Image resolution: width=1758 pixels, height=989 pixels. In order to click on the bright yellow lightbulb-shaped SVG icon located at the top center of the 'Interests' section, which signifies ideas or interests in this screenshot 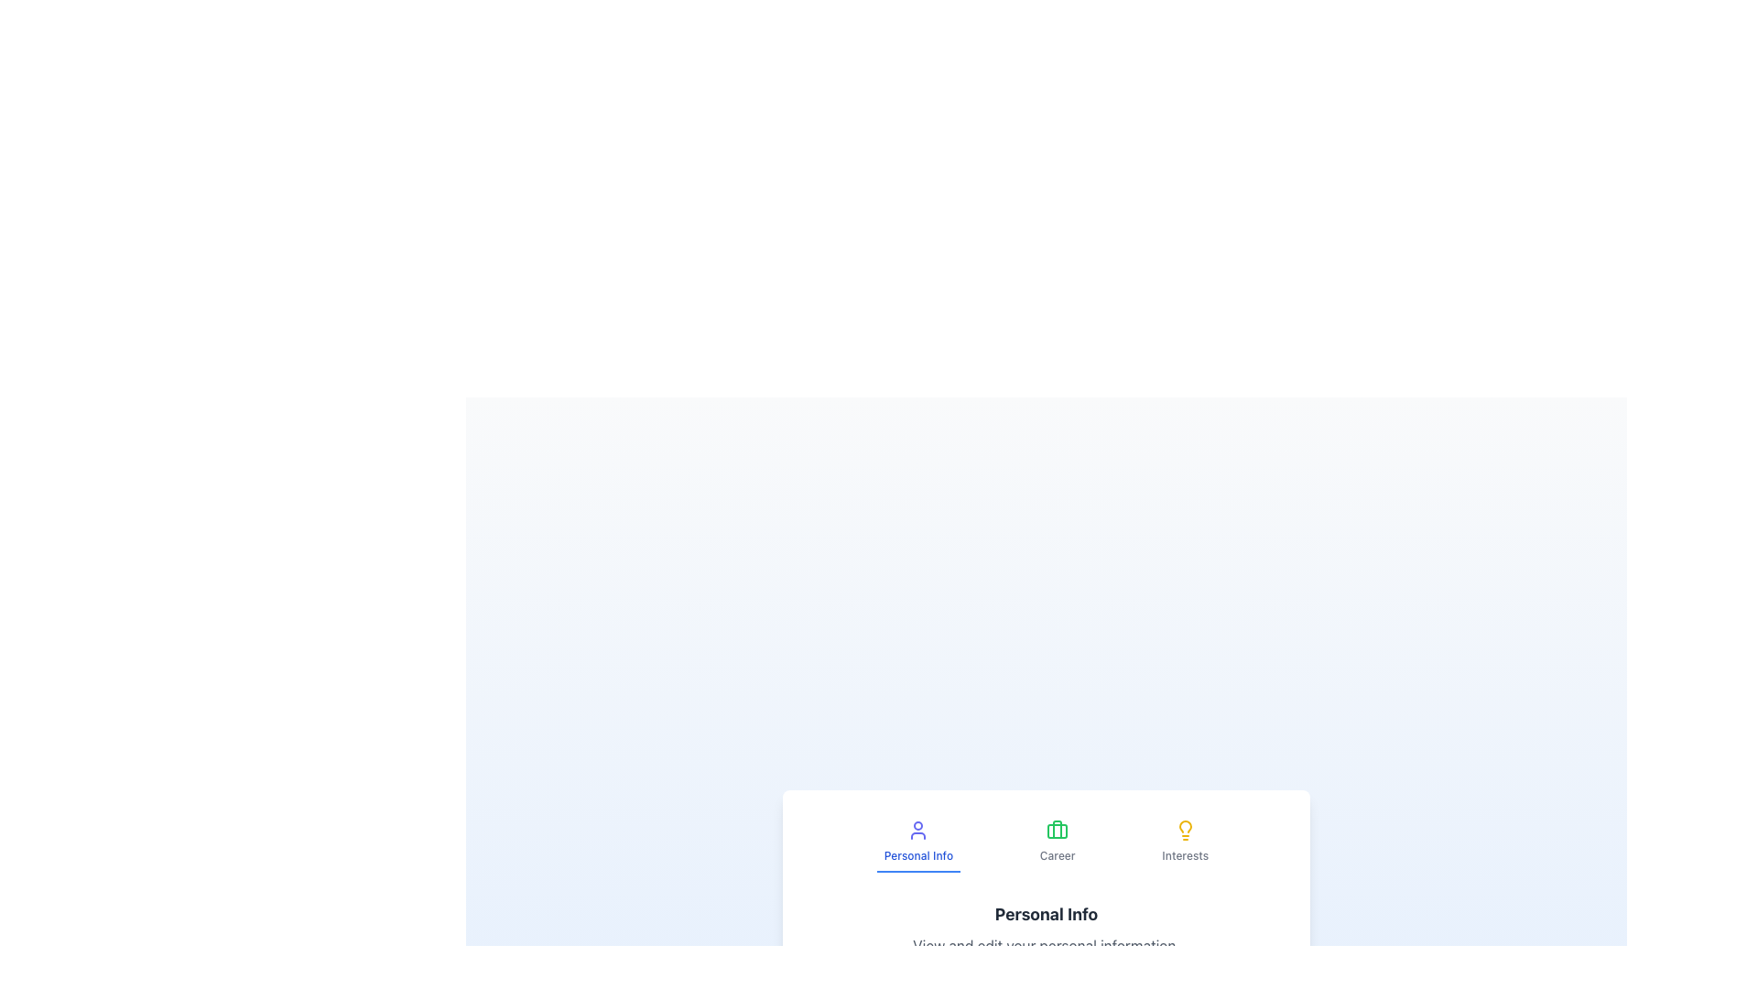, I will do `click(1185, 830)`.